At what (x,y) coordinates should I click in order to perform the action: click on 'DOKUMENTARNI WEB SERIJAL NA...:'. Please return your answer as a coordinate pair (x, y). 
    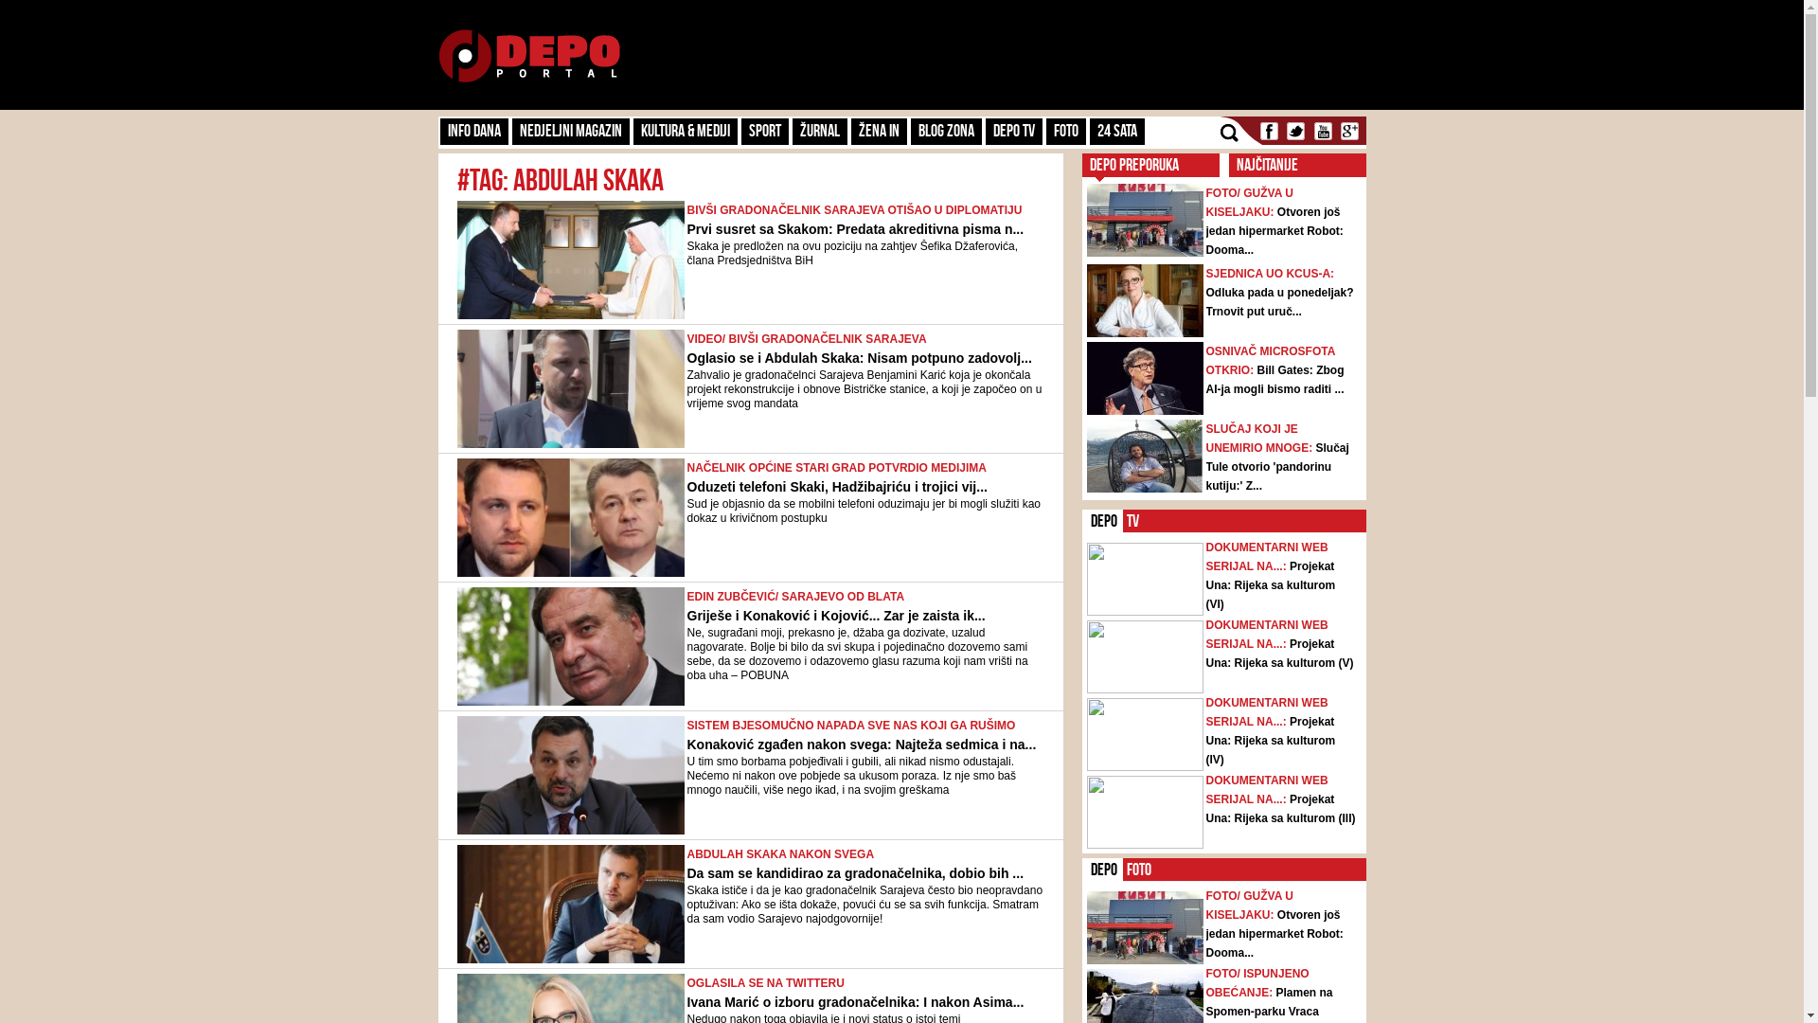
    Looking at the image, I should click on (1267, 635).